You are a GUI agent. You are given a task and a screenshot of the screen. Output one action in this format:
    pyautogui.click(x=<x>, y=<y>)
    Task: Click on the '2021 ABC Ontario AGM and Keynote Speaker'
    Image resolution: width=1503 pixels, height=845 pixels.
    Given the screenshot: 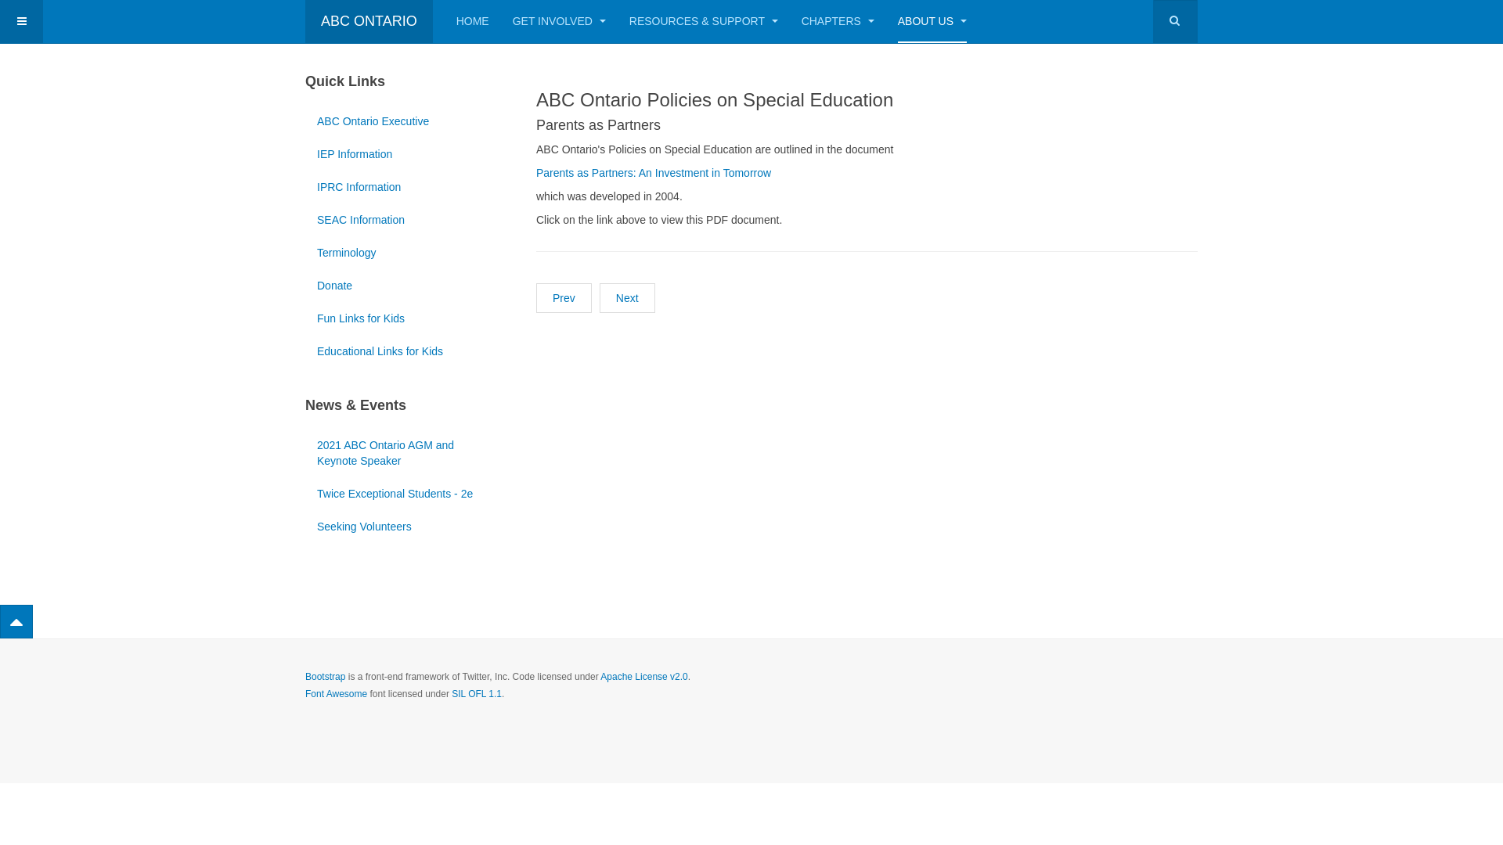 What is the action you would take?
    pyautogui.click(x=405, y=452)
    